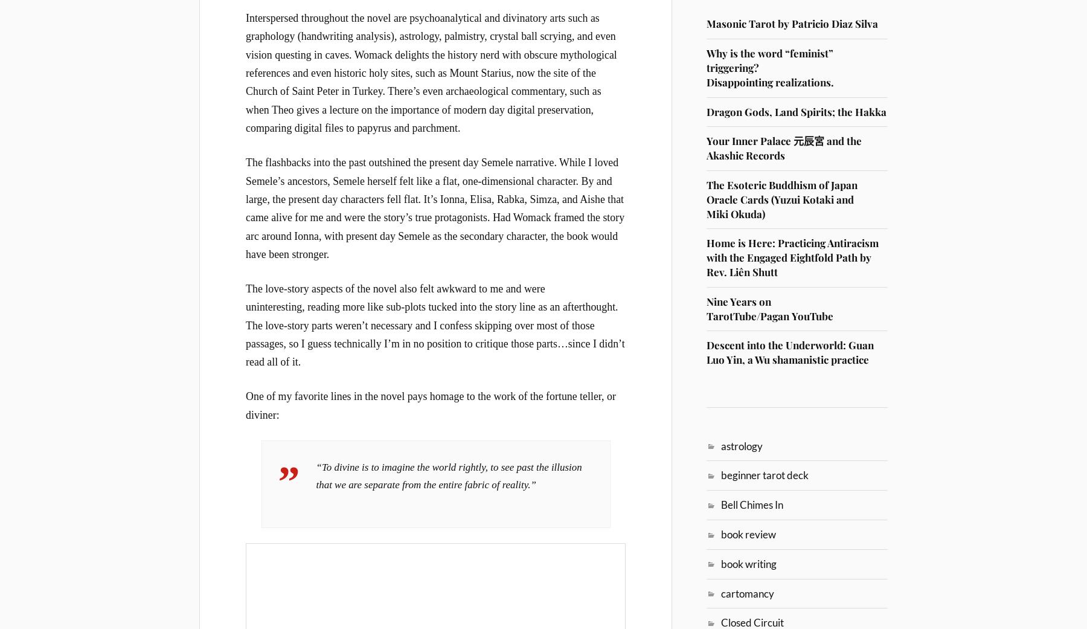 This screenshot has height=629, width=1087. What do you see at coordinates (741, 445) in the screenshot?
I see `'astrology'` at bounding box center [741, 445].